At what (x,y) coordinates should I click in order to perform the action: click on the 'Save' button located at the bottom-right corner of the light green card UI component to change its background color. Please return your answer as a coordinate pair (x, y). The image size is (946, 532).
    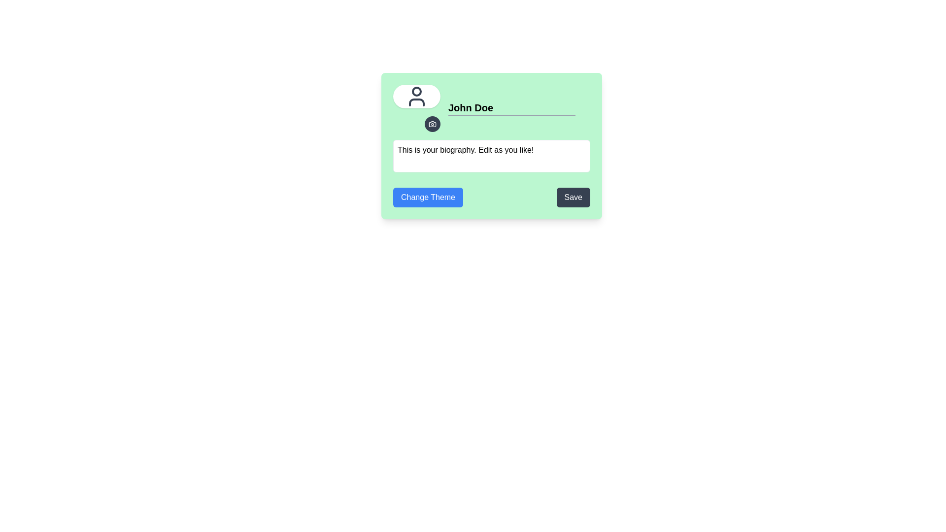
    Looking at the image, I should click on (573, 198).